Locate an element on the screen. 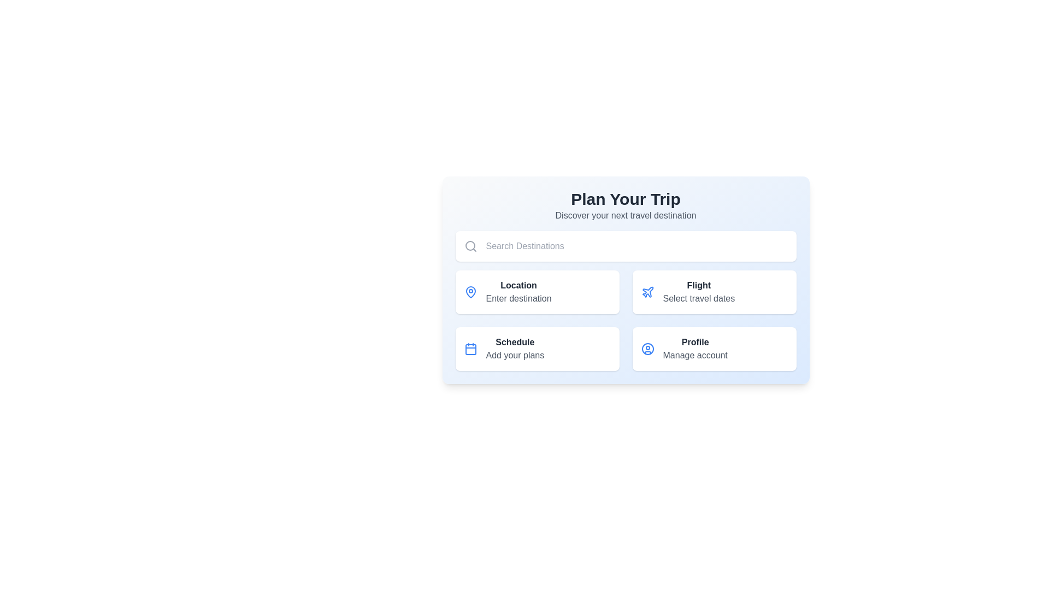 This screenshot has width=1049, height=590. the lower semicircular part of the blue pin-shaped icon within the 'Location' button located in the top-left quadrant of the interface is located at coordinates (470, 292).